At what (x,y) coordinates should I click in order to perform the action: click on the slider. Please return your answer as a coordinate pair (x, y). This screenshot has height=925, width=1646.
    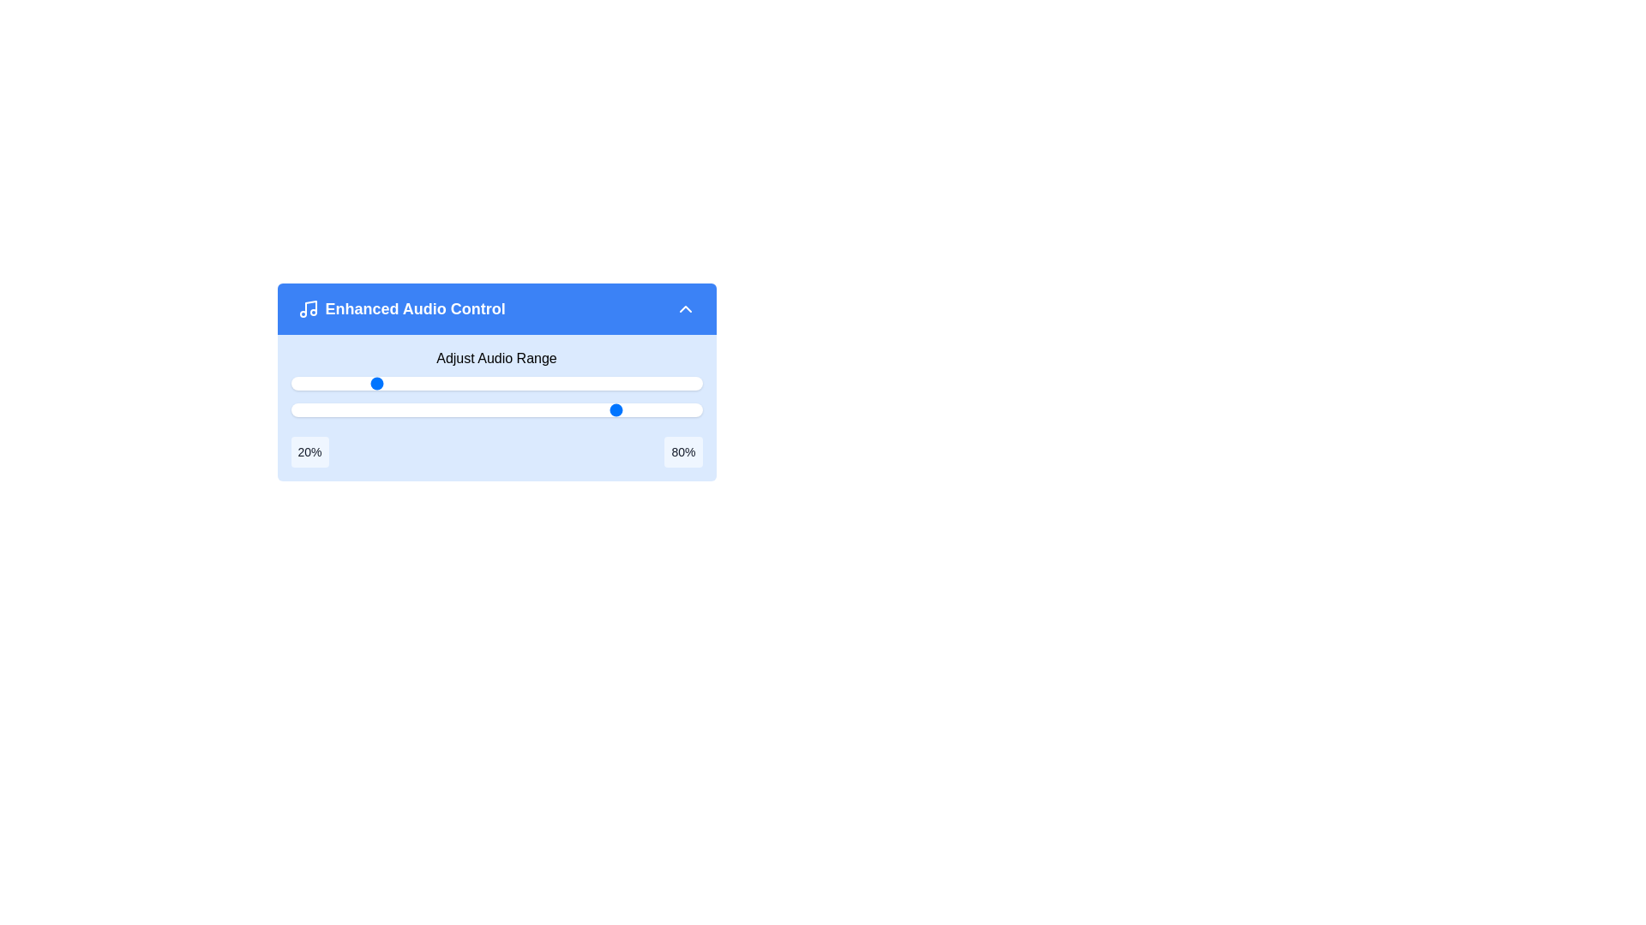
    Looking at the image, I should click on (327, 409).